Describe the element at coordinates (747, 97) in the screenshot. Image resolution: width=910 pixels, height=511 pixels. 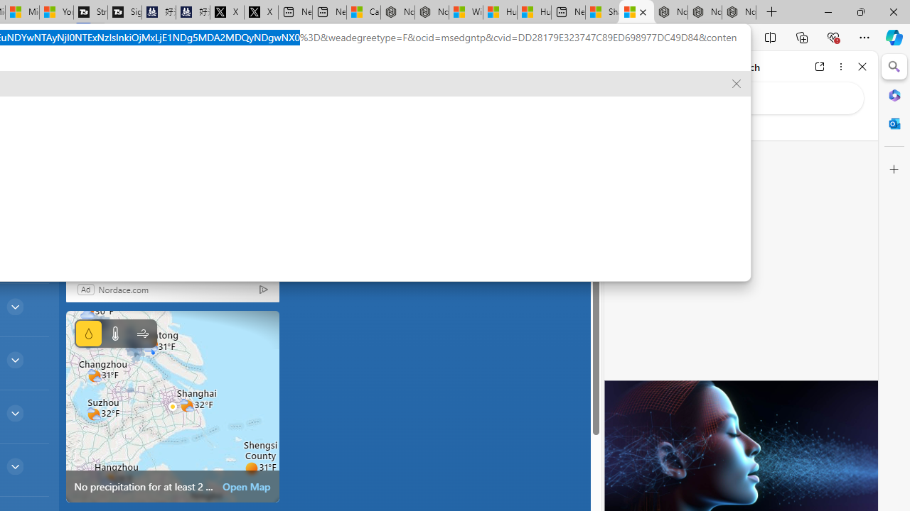
I see `'Search the web'` at that location.